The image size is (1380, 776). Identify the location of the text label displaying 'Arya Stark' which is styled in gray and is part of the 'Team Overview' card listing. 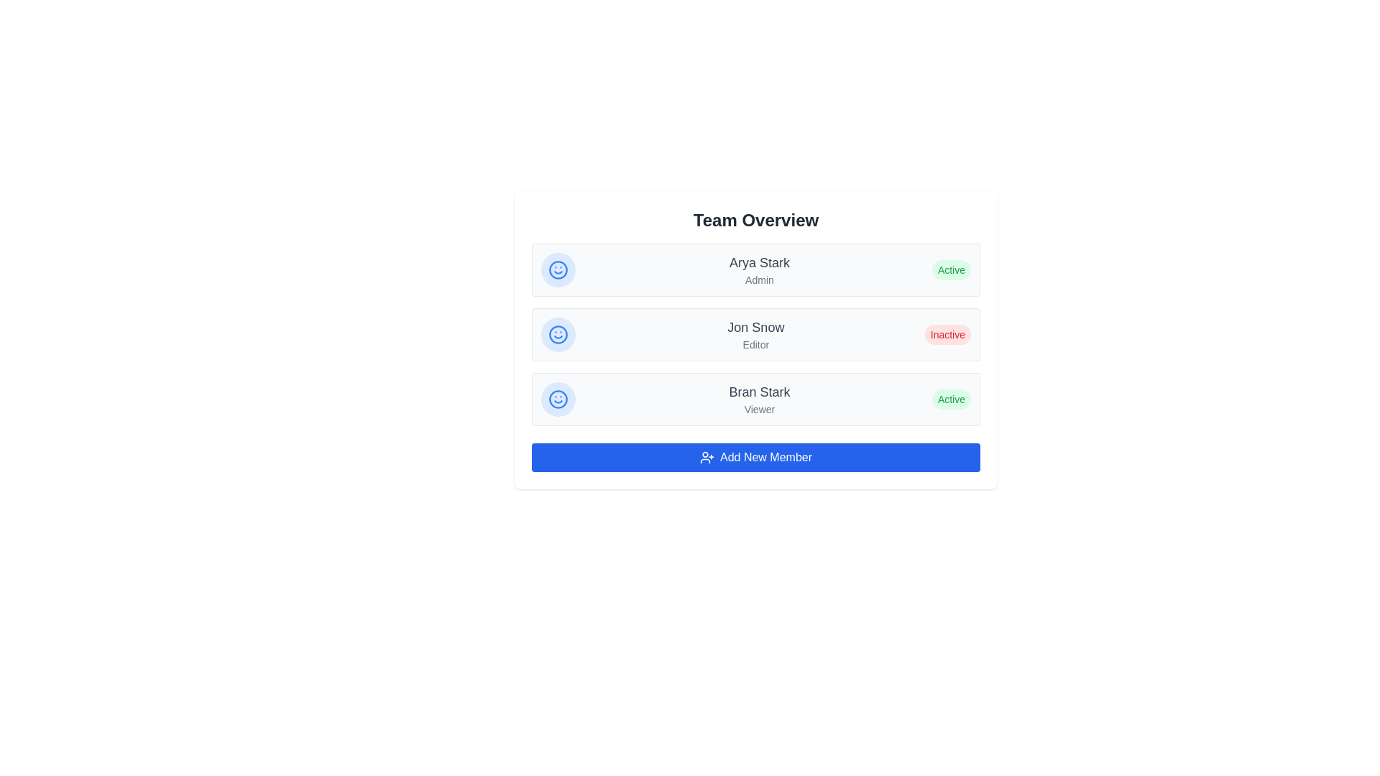
(758, 263).